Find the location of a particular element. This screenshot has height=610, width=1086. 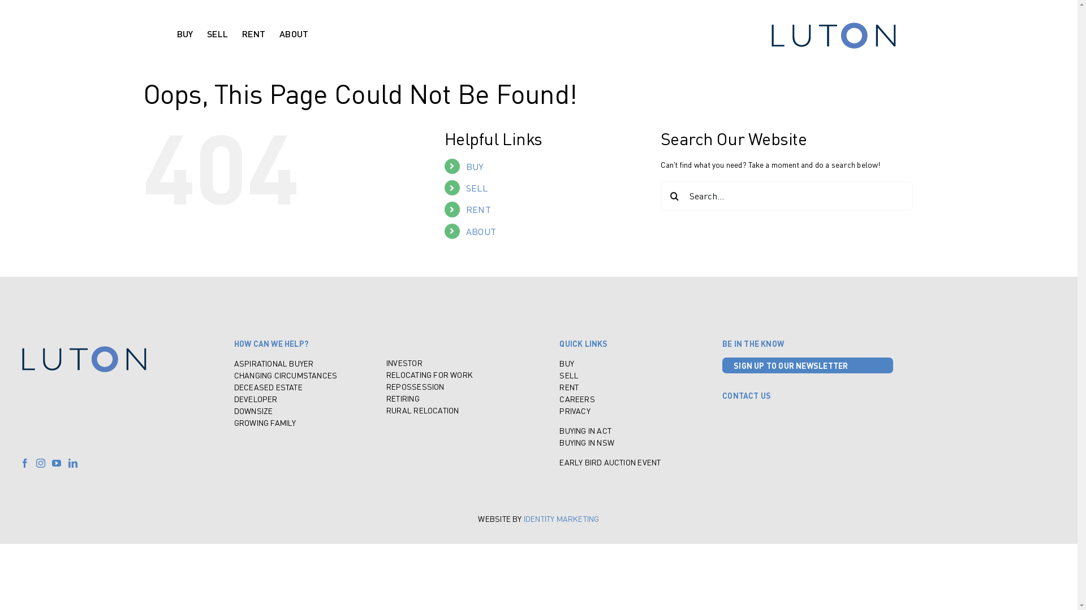

'RURAL RELOCATION' is located at coordinates (422, 409).